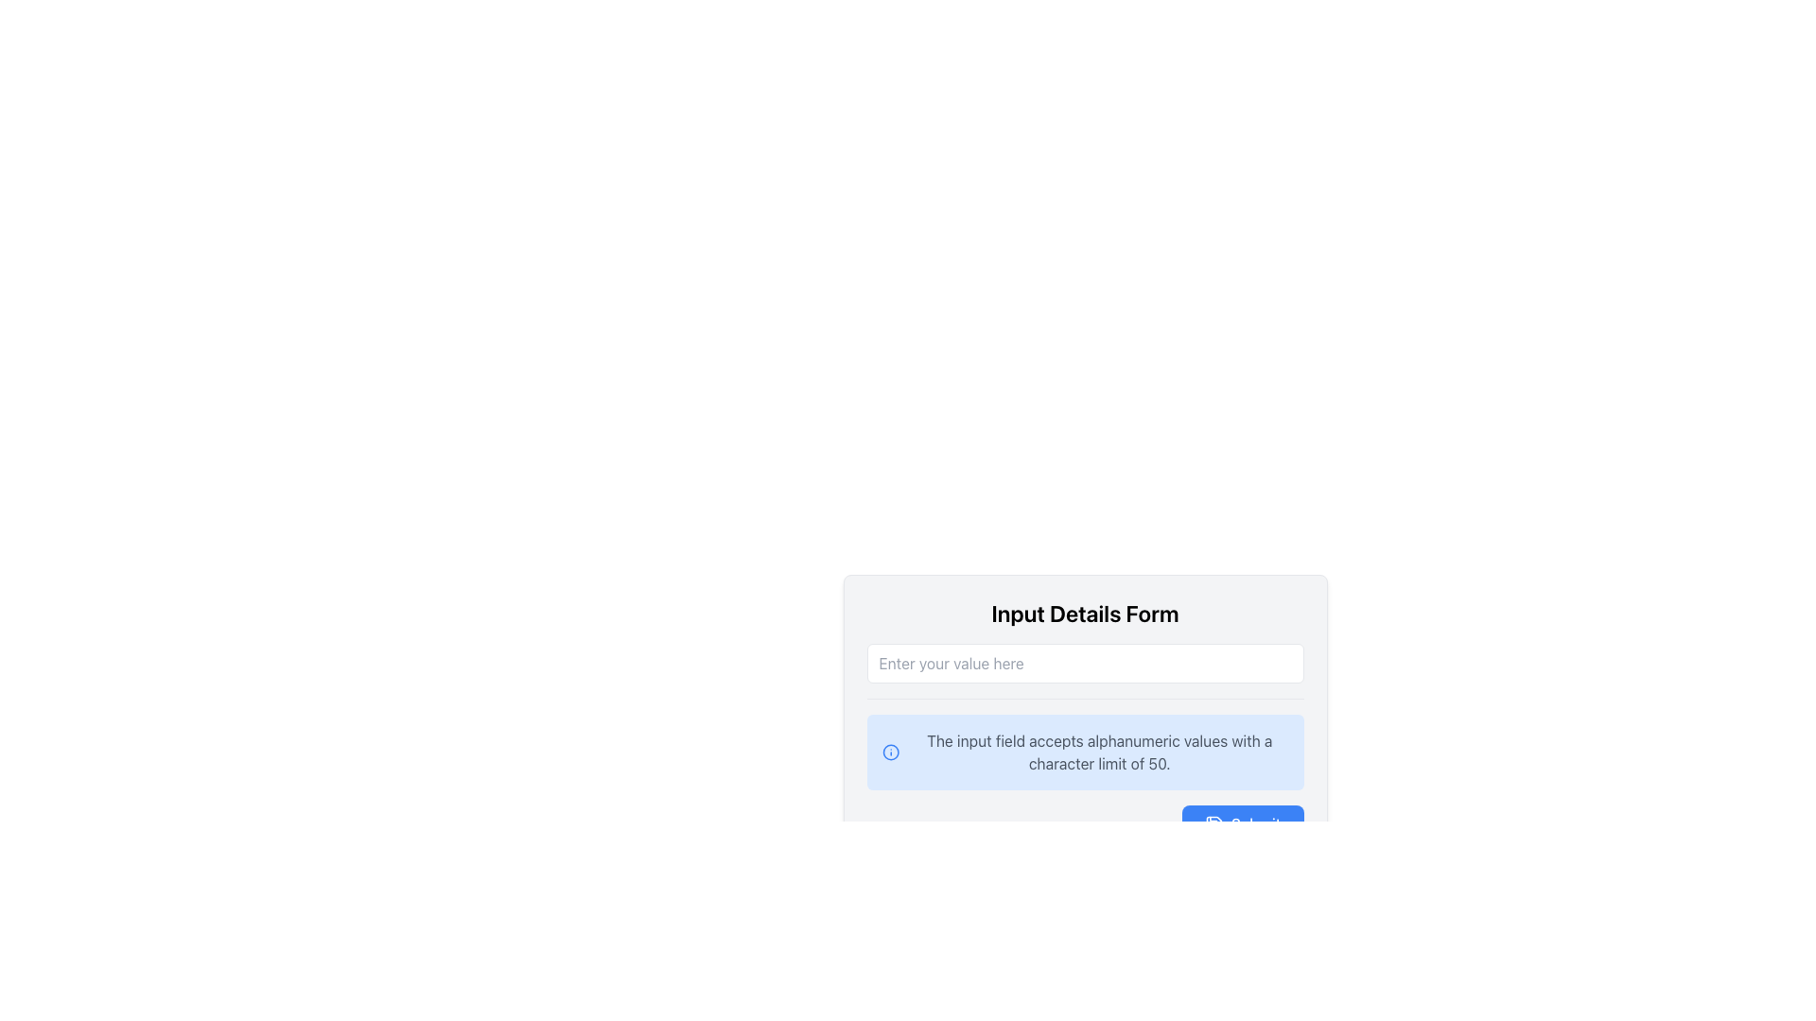  Describe the element at coordinates (1214, 822) in the screenshot. I see `the visual indicator icon located to the left of the 'Submit' button` at that location.